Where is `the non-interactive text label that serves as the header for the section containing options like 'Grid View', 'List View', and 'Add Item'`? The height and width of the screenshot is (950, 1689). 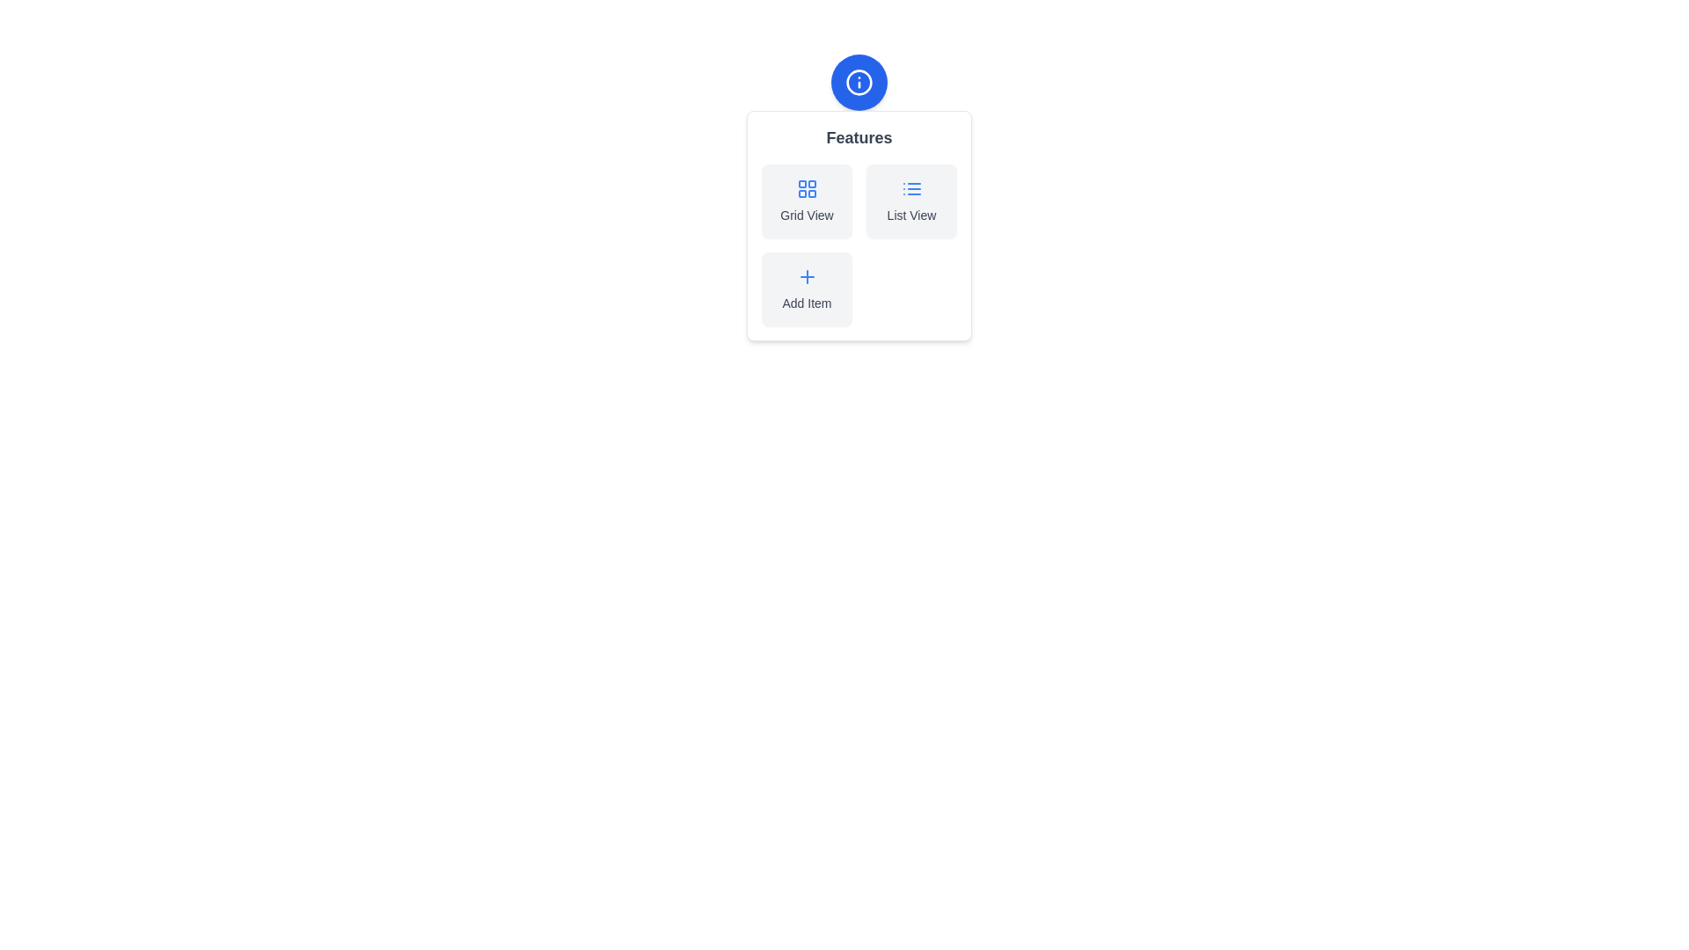
the non-interactive text label that serves as the header for the section containing options like 'Grid View', 'List View', and 'Add Item' is located at coordinates (859, 137).